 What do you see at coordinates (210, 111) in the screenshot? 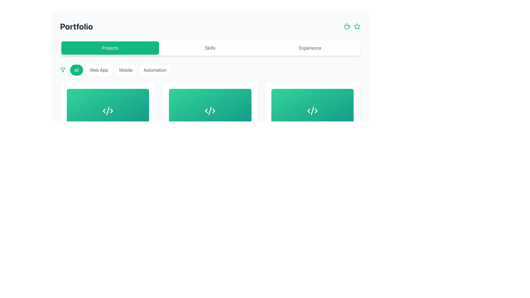
I see `to select or activate the project card, which is the middle card in a row of three similar cards within a grid layout` at bounding box center [210, 111].